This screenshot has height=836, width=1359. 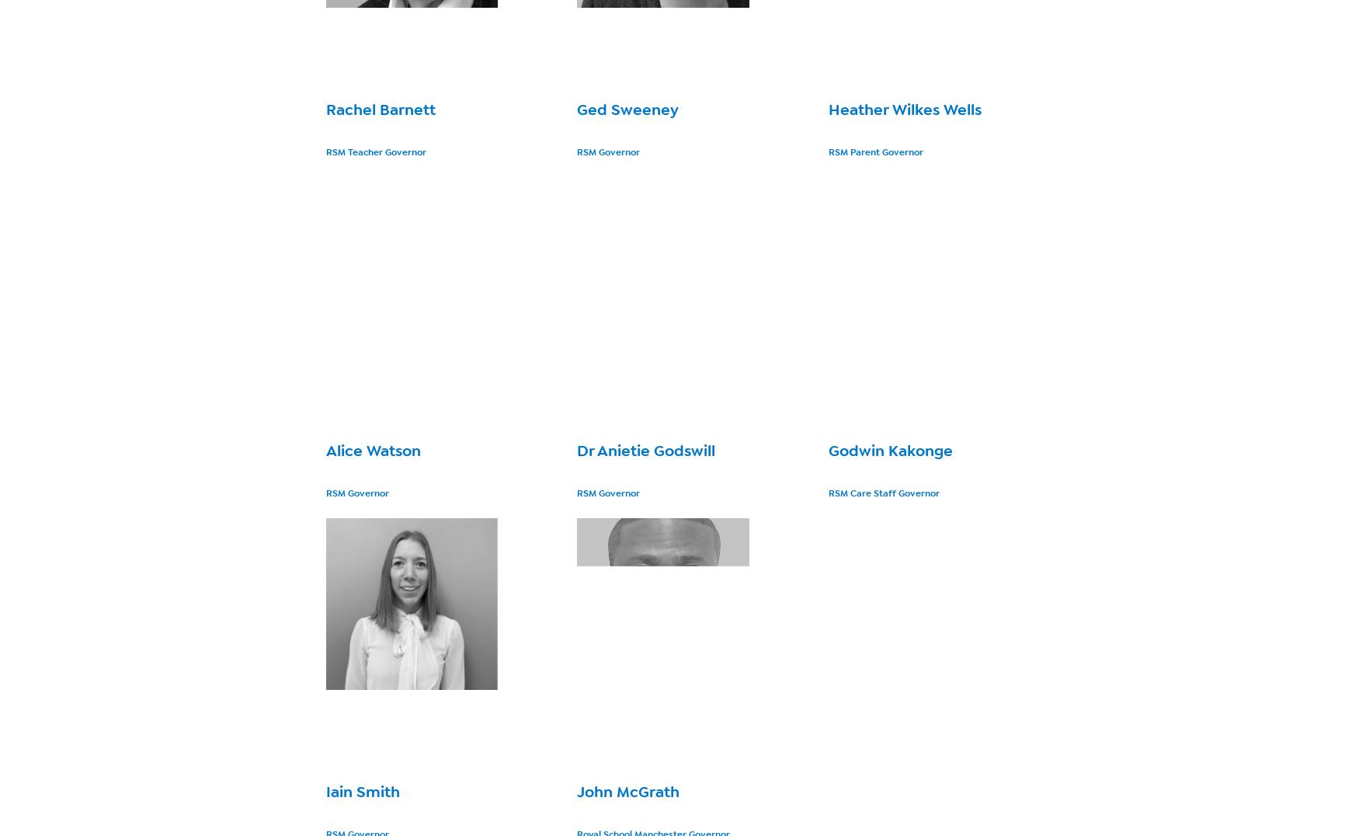 What do you see at coordinates (577, 110) in the screenshot?
I see `'Ged Sweeney'` at bounding box center [577, 110].